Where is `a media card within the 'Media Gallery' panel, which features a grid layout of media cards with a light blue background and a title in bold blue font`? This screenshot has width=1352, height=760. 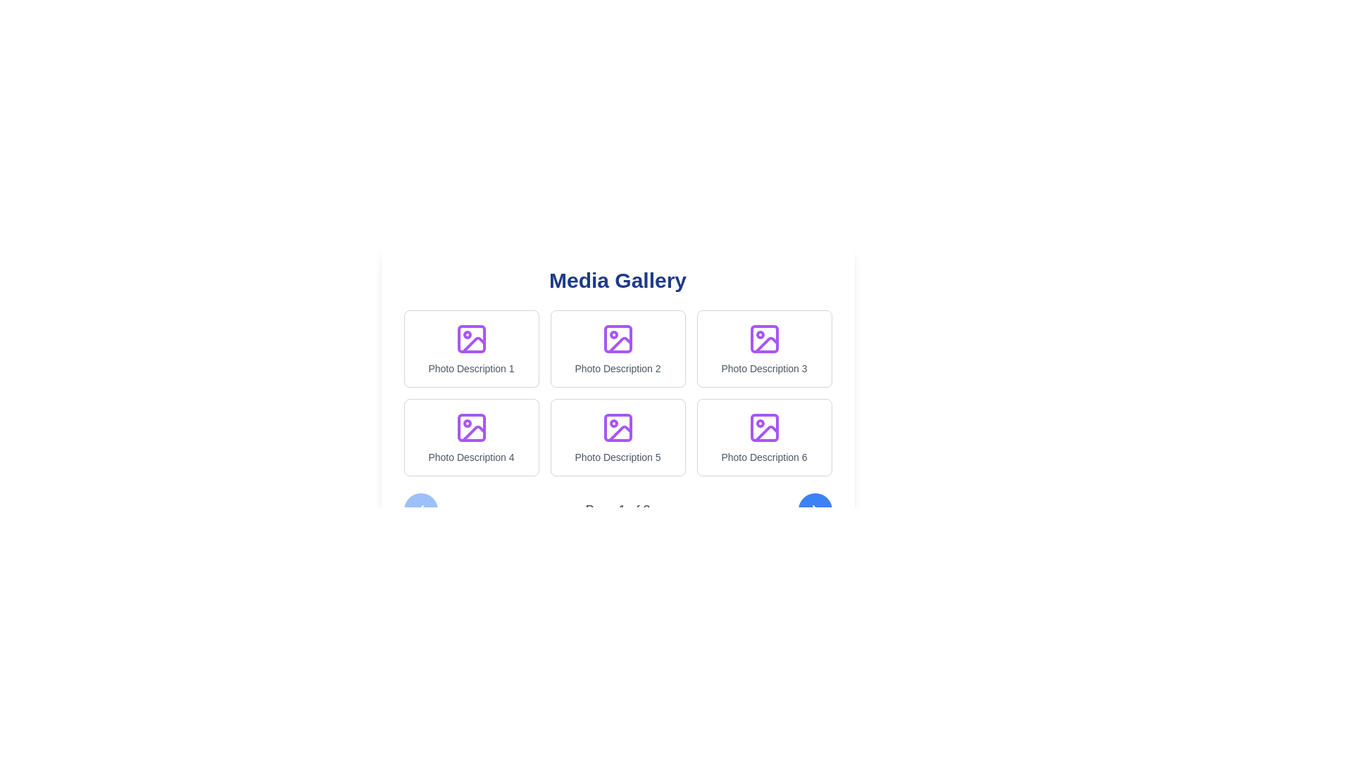
a media card within the 'Media Gallery' panel, which features a grid layout of media cards with a light blue background and a title in bold blue font is located at coordinates (618, 397).